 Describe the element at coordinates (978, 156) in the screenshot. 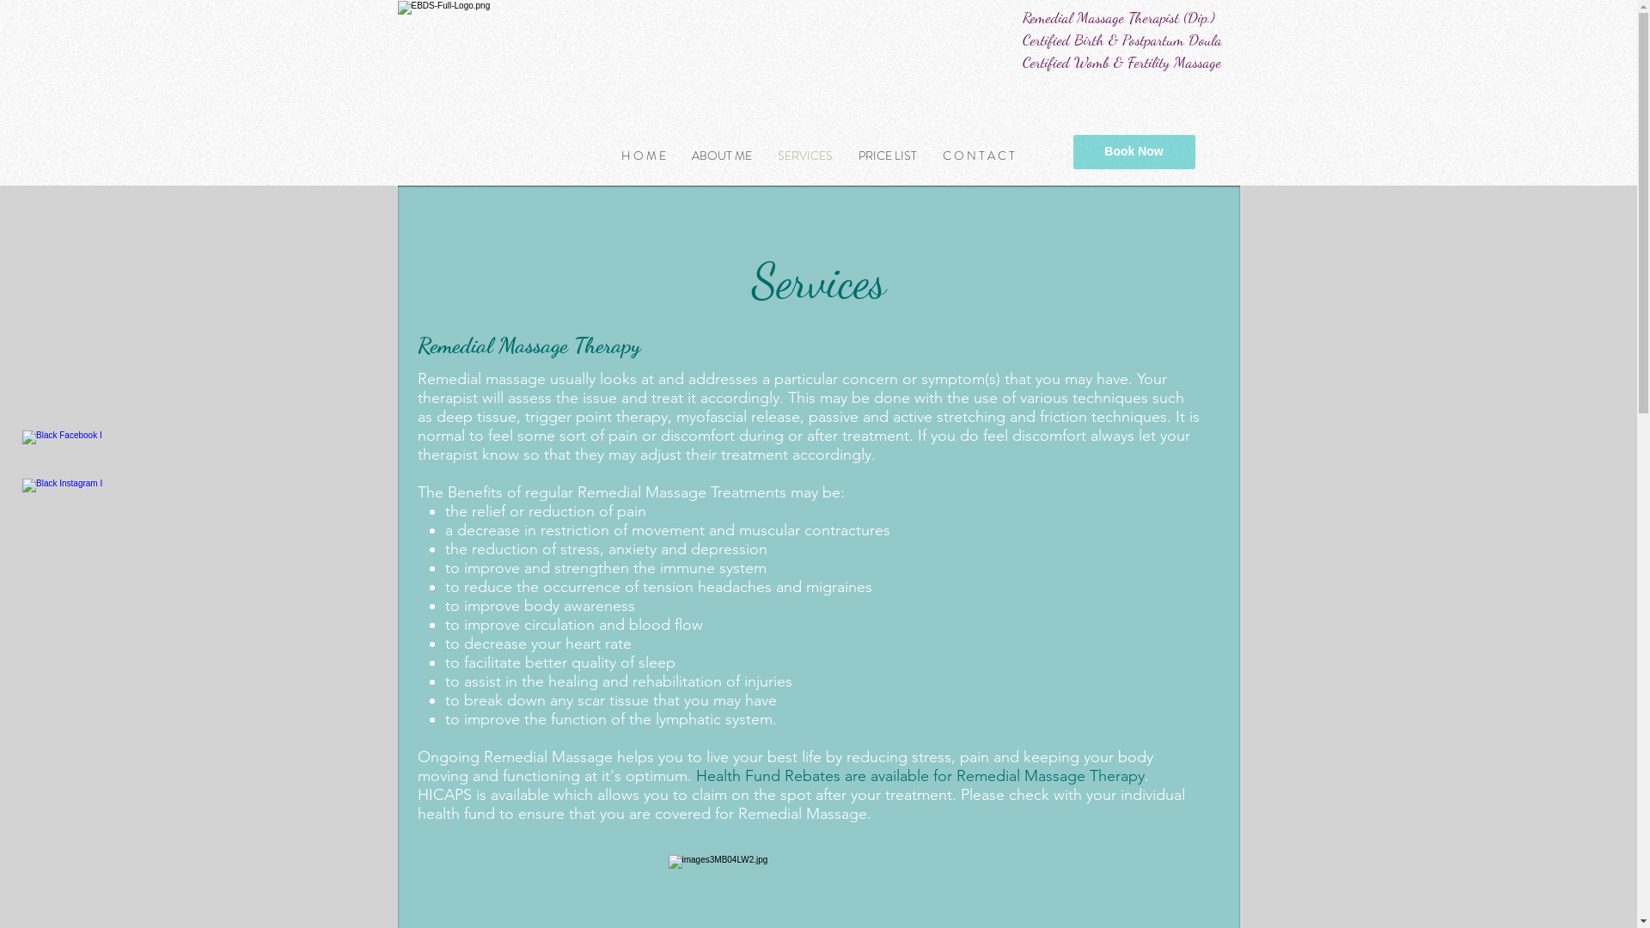

I see `'C O N T A C T'` at that location.